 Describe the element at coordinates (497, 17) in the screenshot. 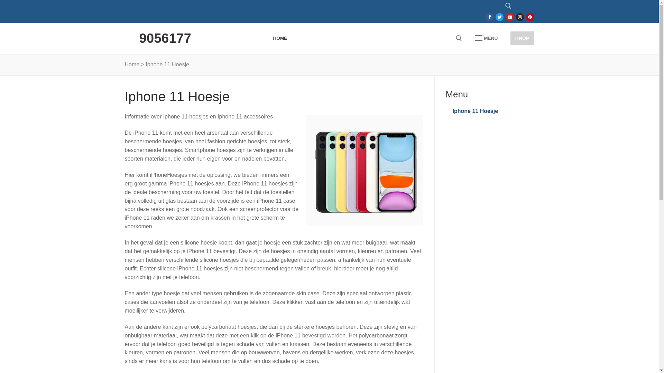

I see `'Twitter'` at that location.